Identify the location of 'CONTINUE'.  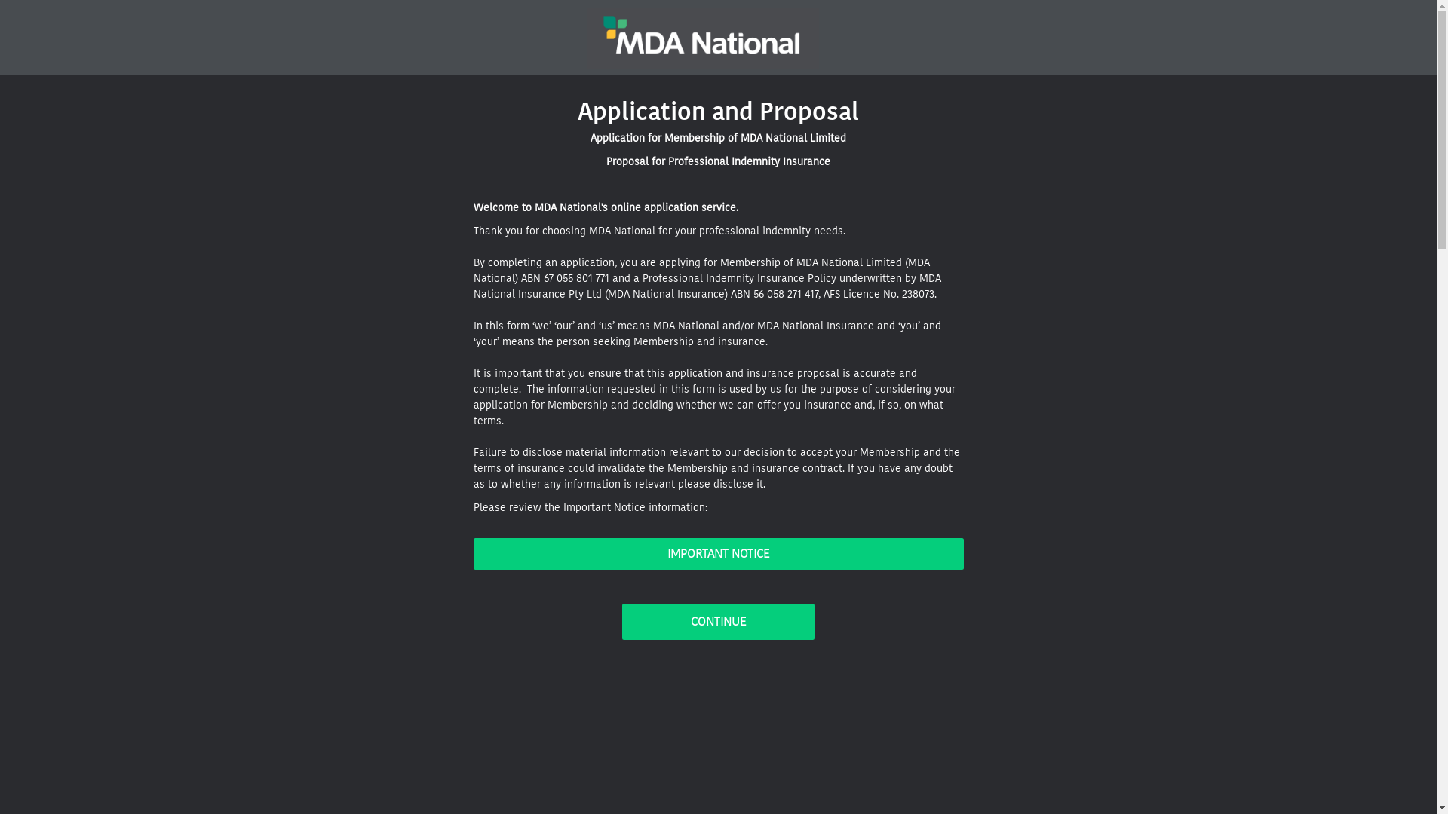
(717, 622).